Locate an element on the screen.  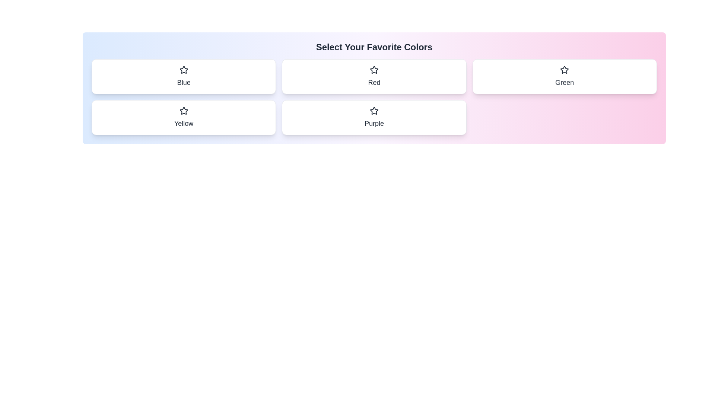
the color chip Purple is located at coordinates (374, 117).